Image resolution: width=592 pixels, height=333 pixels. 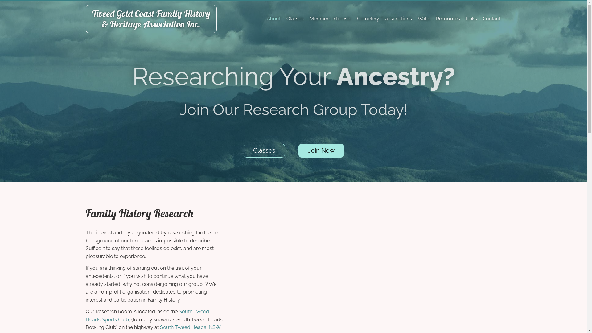 I want to click on 'Join Now', so click(x=298, y=150).